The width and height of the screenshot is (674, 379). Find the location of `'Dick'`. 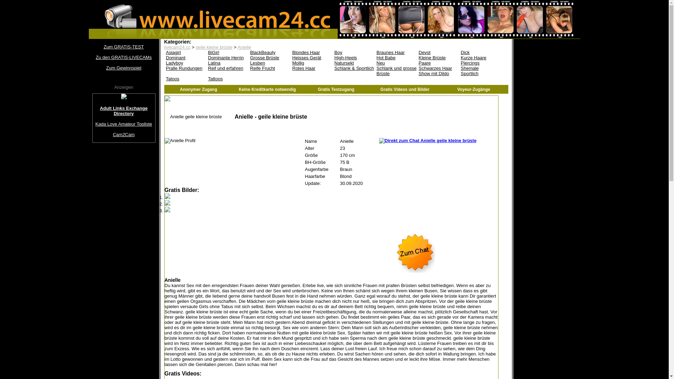

'Dick' is located at coordinates (480, 52).